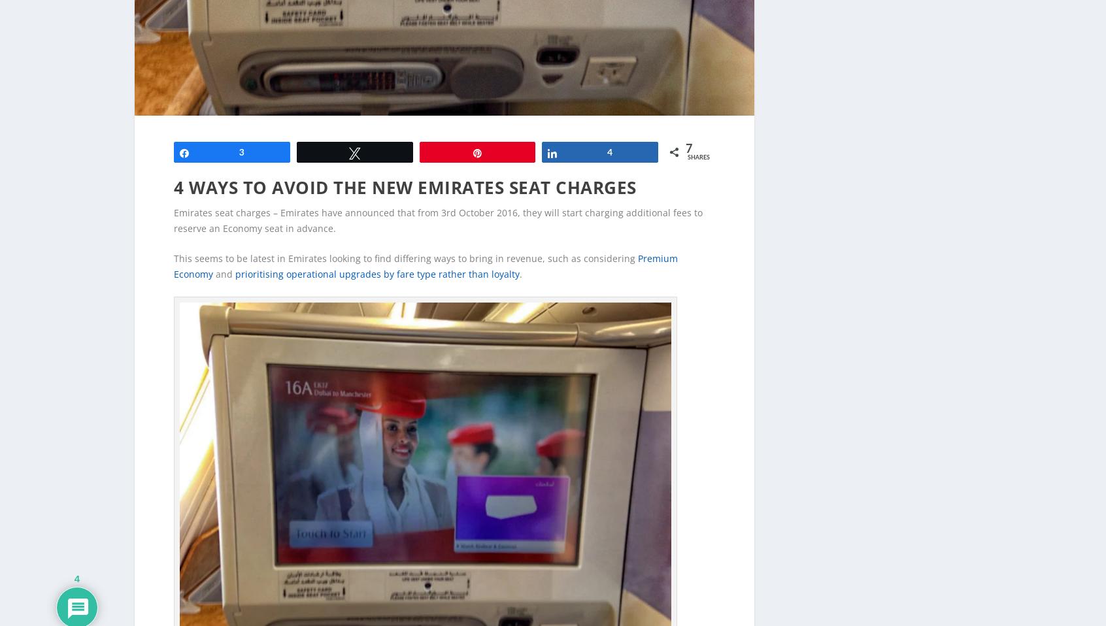  Describe the element at coordinates (377, 252) in the screenshot. I see `'prioritising operational upgrades by fare type rather than loyalty'` at that location.